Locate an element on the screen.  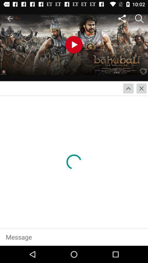
the close icon is located at coordinates (141, 88).